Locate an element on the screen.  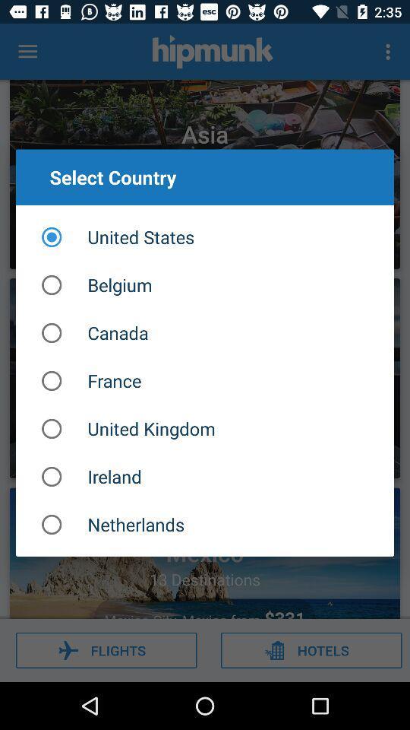
the item above the canada item is located at coordinates (205, 284).